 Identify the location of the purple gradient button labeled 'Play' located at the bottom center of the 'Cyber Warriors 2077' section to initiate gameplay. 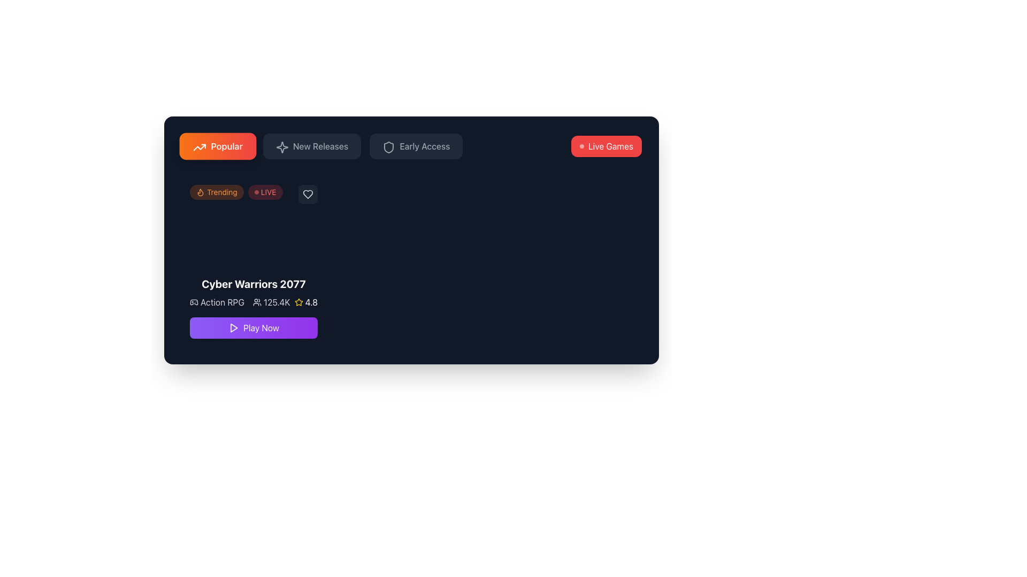
(261, 327).